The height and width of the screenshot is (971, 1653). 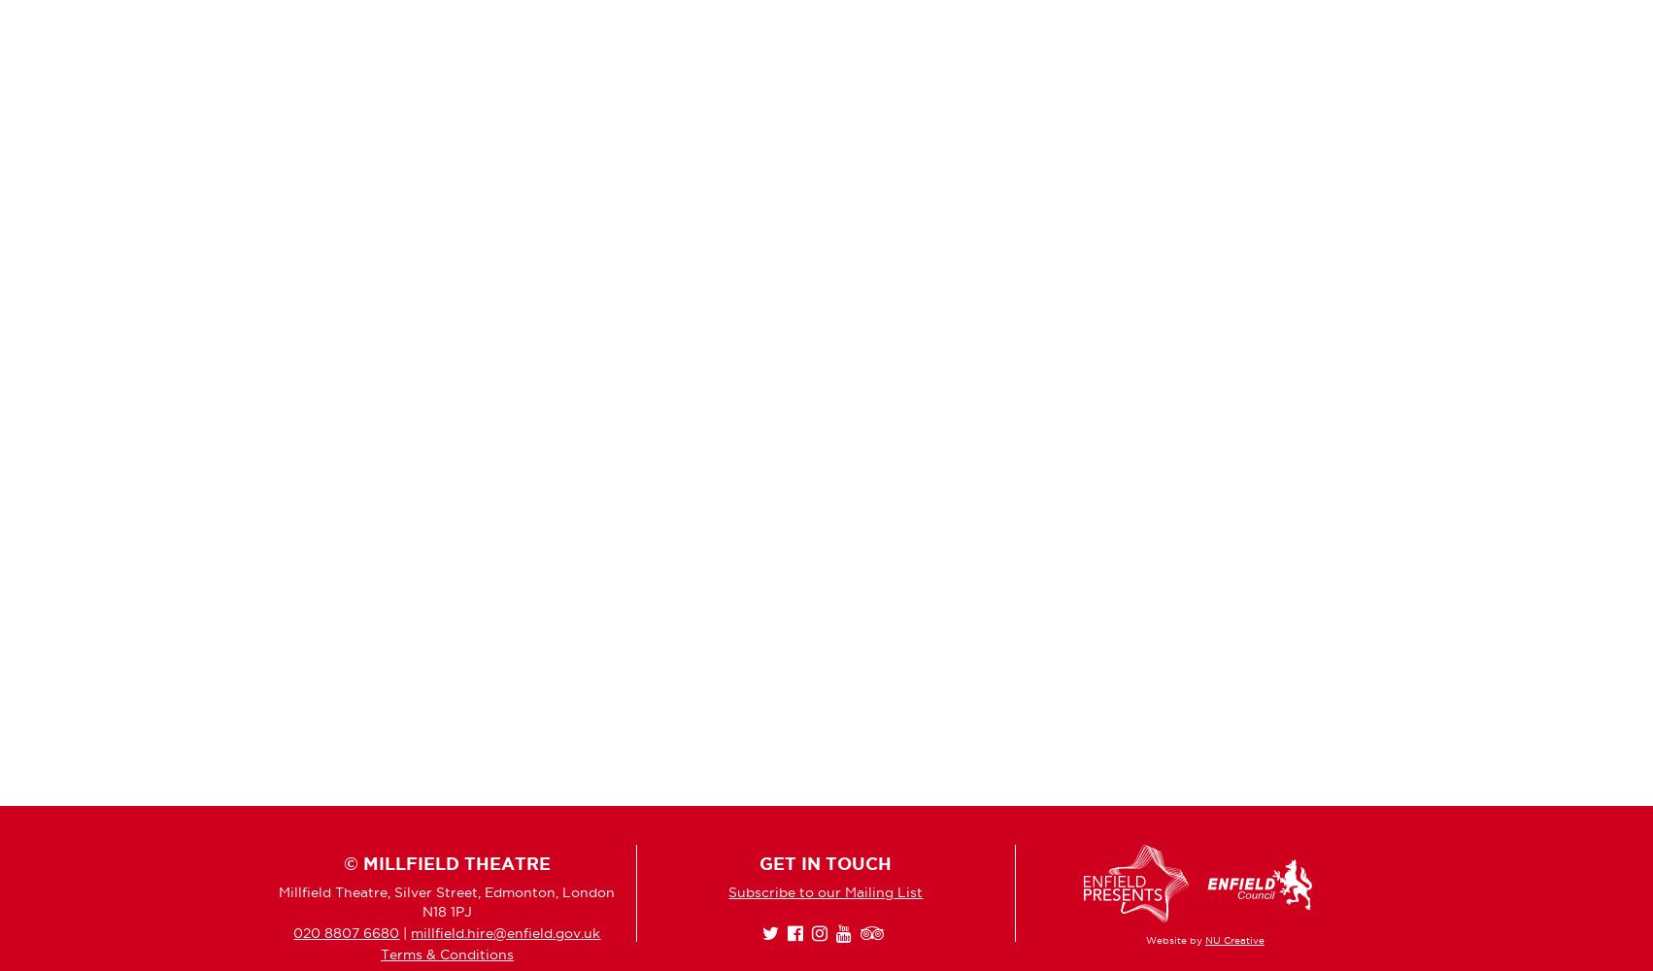 I want to click on 'Website by', so click(x=1144, y=939).